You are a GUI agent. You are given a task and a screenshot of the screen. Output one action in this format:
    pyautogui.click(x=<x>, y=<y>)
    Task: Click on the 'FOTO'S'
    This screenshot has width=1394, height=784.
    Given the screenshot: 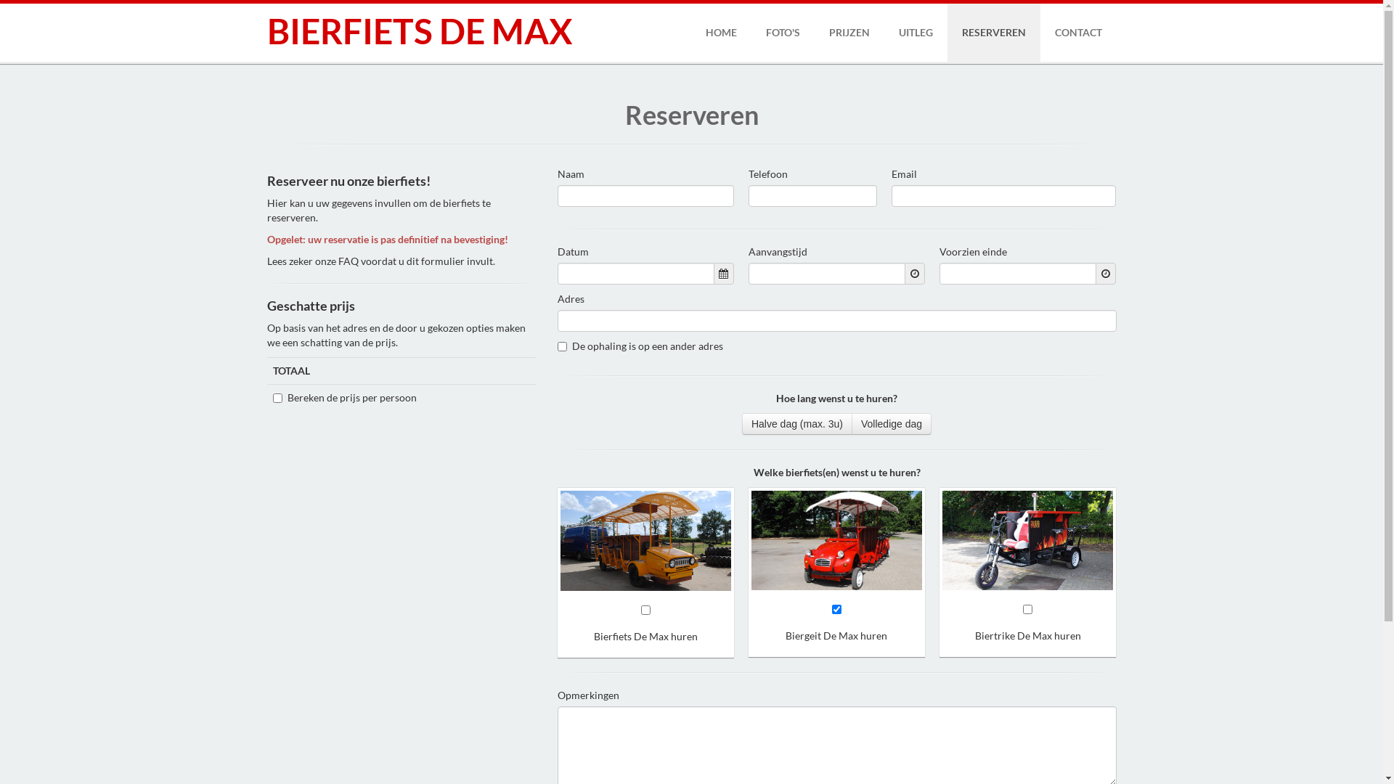 What is the action you would take?
    pyautogui.click(x=781, y=33)
    